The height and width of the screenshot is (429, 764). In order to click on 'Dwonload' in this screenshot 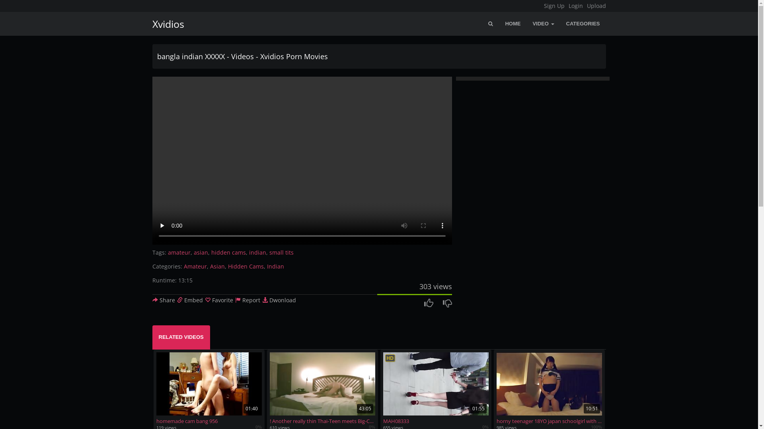, I will do `click(279, 300)`.